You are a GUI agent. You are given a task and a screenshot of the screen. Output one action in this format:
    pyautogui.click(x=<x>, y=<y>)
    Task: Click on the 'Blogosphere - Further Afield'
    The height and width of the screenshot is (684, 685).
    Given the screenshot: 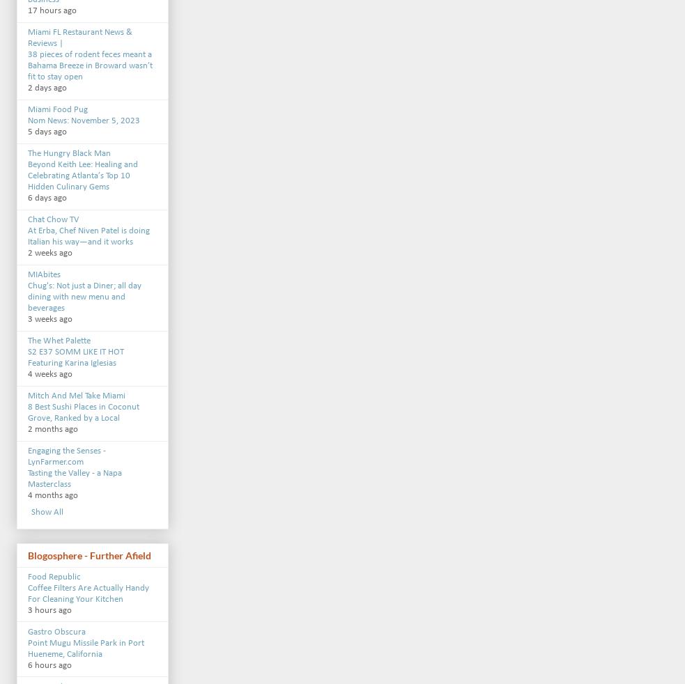 What is the action you would take?
    pyautogui.click(x=88, y=555)
    